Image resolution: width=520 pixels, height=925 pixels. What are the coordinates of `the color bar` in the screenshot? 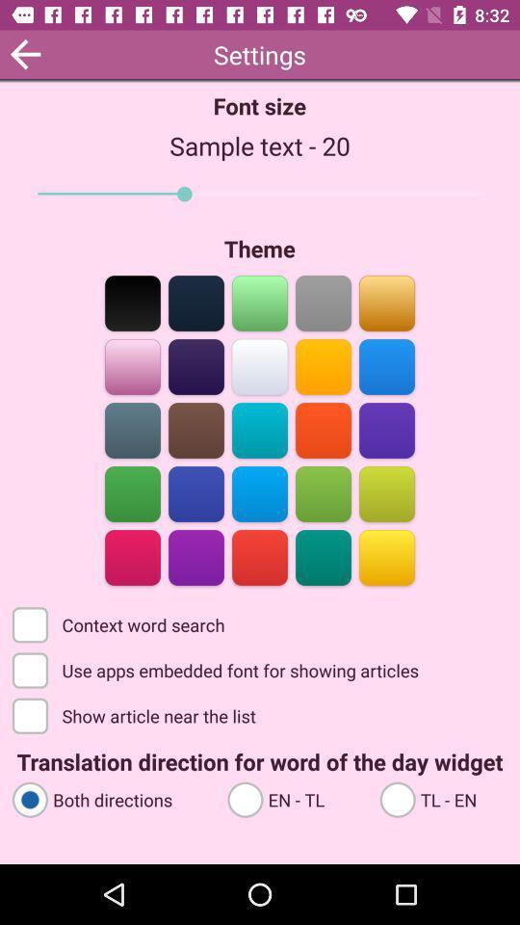 It's located at (132, 429).